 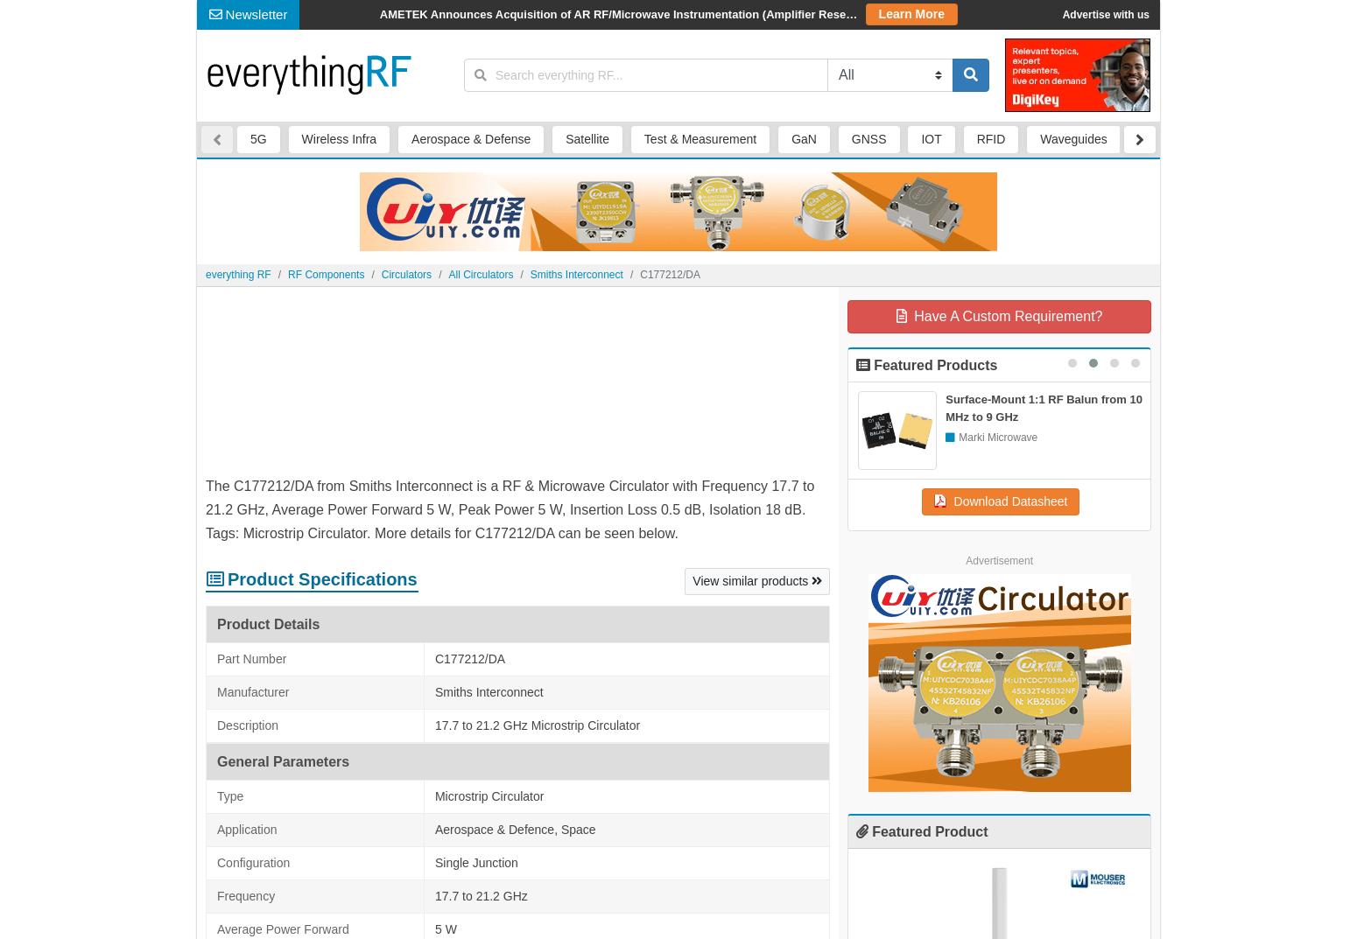 What do you see at coordinates (281, 852) in the screenshot?
I see `'RFCR6751 from RF-CI'` at bounding box center [281, 852].